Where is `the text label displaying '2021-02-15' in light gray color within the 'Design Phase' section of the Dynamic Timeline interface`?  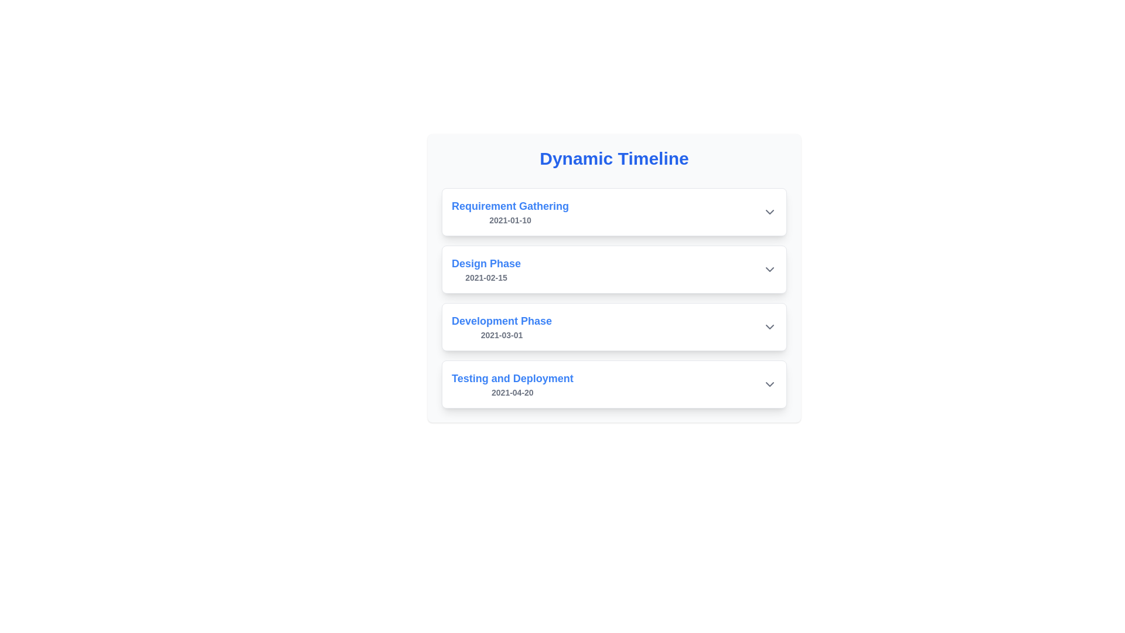 the text label displaying '2021-02-15' in light gray color within the 'Design Phase' section of the Dynamic Timeline interface is located at coordinates (486, 278).